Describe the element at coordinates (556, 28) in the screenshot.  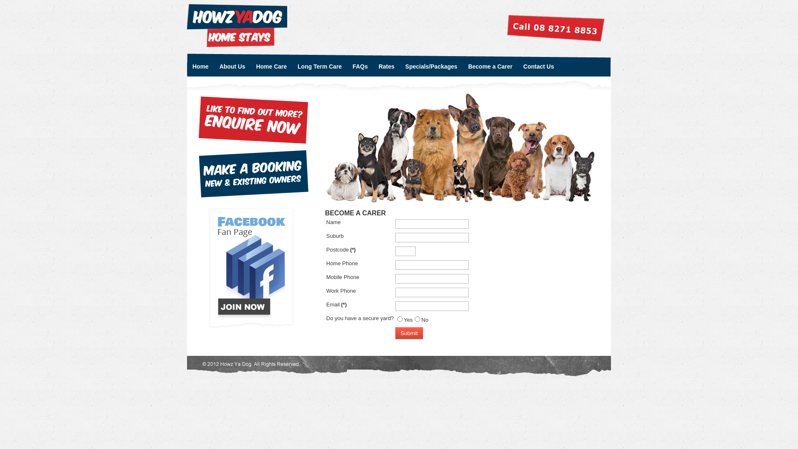
I see `'Call - 08 8271 8853'` at that location.